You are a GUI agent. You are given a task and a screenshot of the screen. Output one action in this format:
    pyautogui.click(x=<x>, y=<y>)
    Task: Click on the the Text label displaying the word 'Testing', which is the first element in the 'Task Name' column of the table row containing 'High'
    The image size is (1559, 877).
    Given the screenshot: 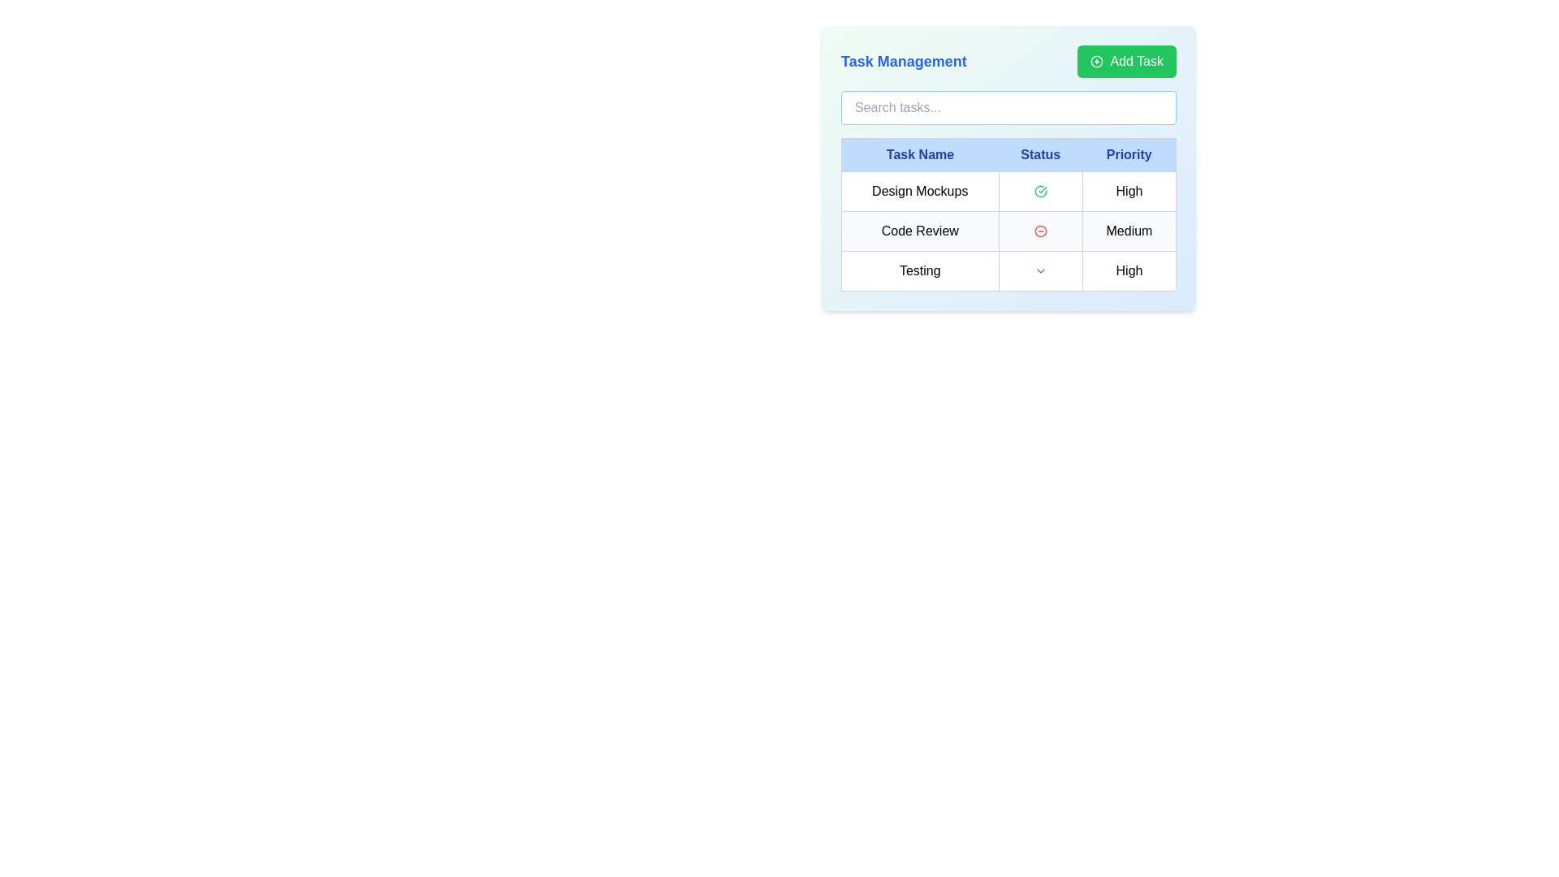 What is the action you would take?
    pyautogui.click(x=920, y=270)
    